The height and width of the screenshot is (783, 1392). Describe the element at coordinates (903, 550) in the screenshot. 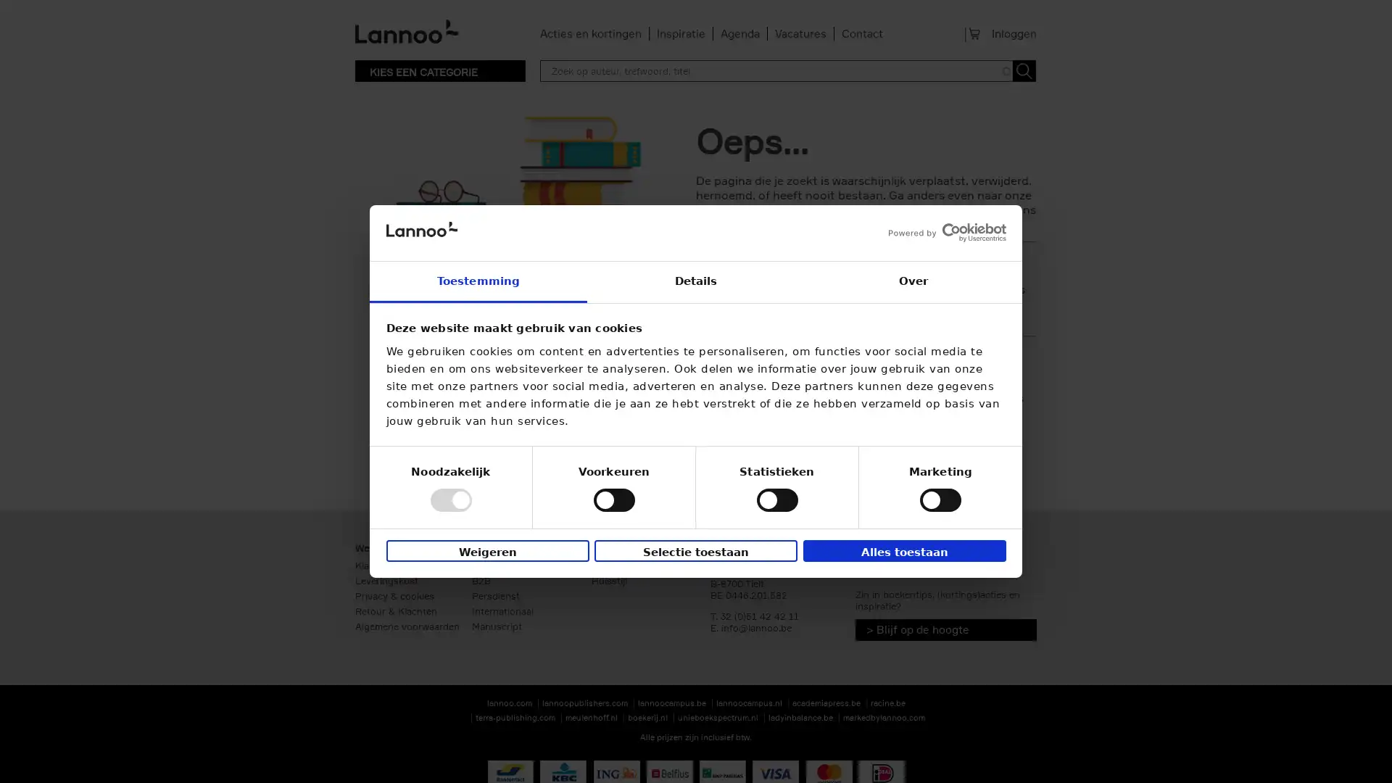

I see `Alles toestaan` at that location.